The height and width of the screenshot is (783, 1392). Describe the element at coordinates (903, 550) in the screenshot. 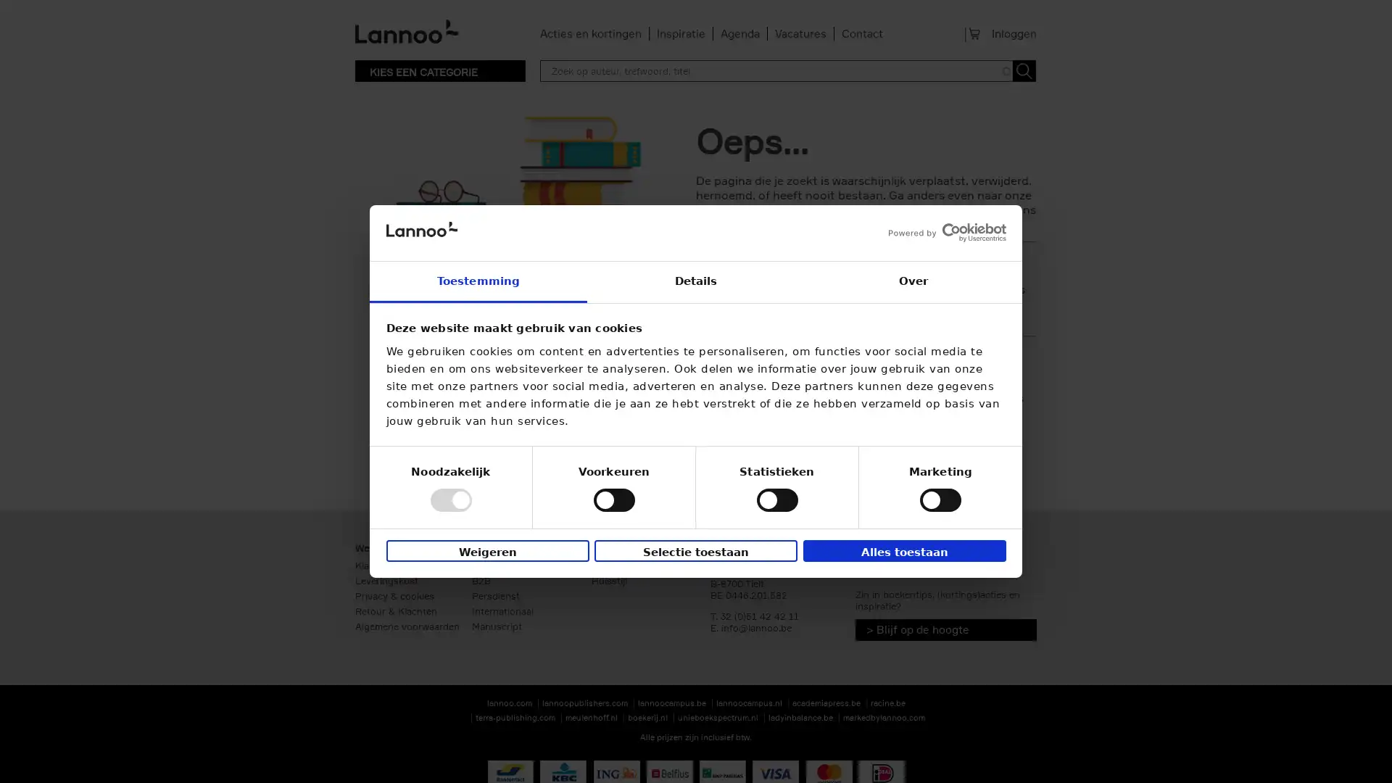

I see `Alles toestaan` at that location.